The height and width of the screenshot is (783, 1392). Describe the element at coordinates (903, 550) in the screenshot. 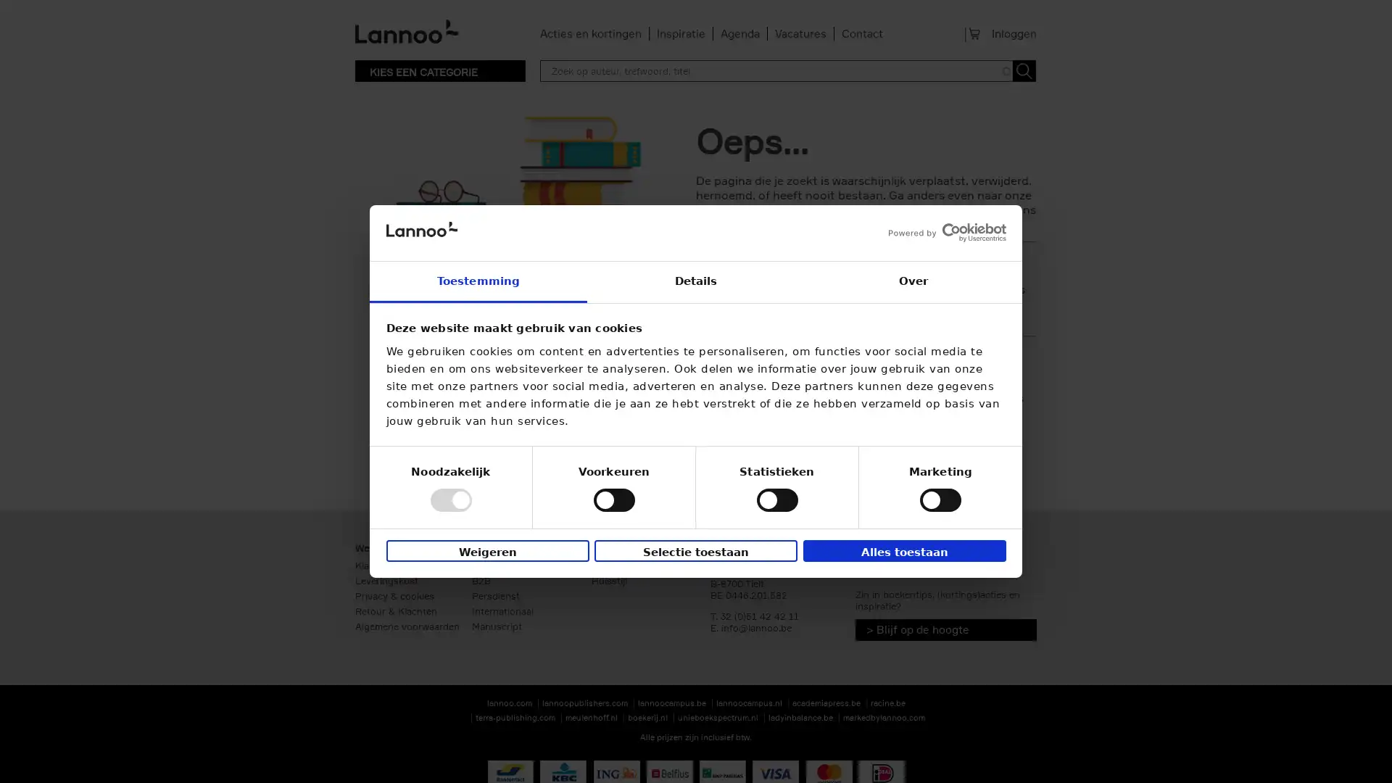

I see `Alles toestaan` at that location.